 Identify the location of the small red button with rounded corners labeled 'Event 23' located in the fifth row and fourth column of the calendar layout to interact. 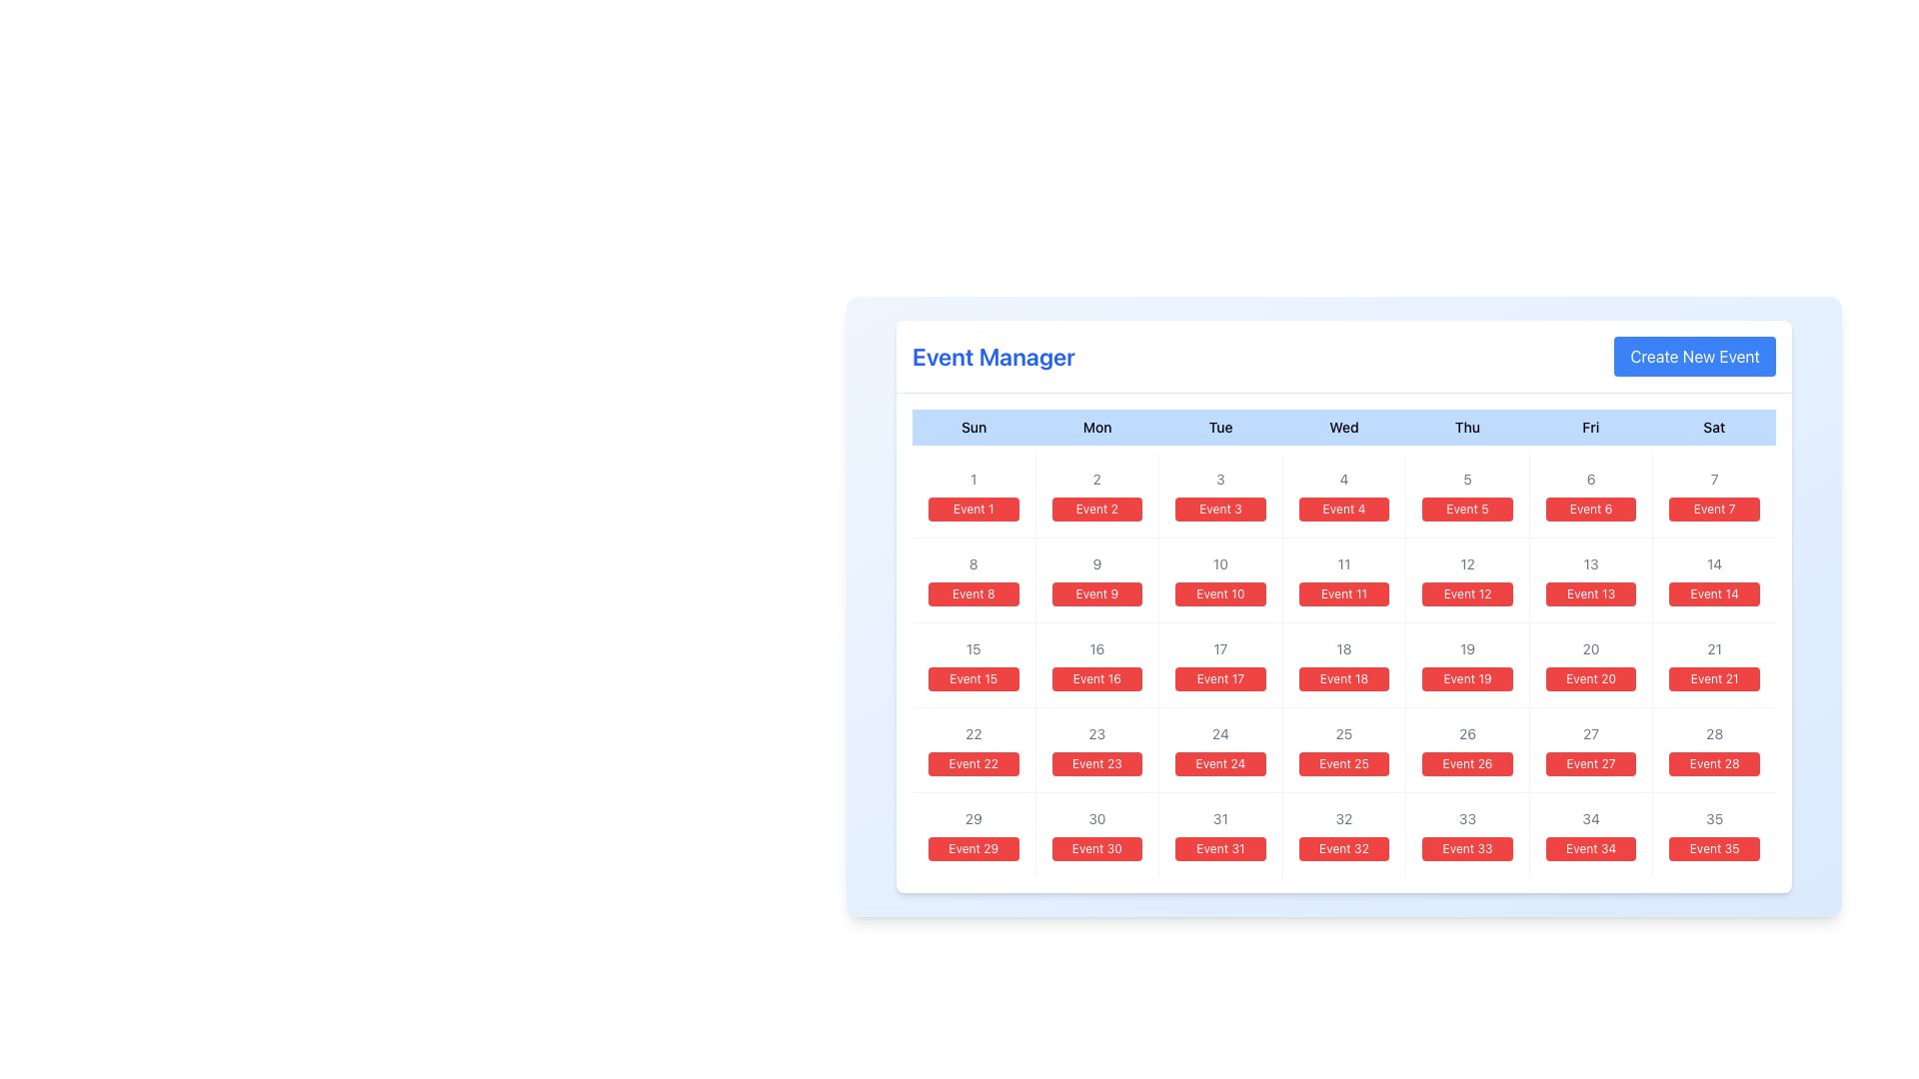
(1095, 763).